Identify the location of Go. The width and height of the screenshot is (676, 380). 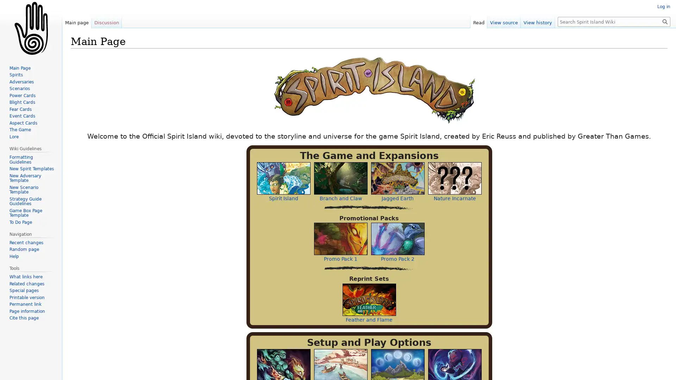
(665, 21).